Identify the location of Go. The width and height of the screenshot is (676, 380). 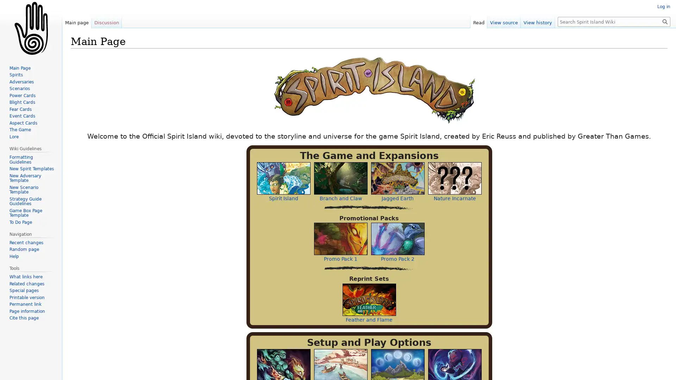
(665, 21).